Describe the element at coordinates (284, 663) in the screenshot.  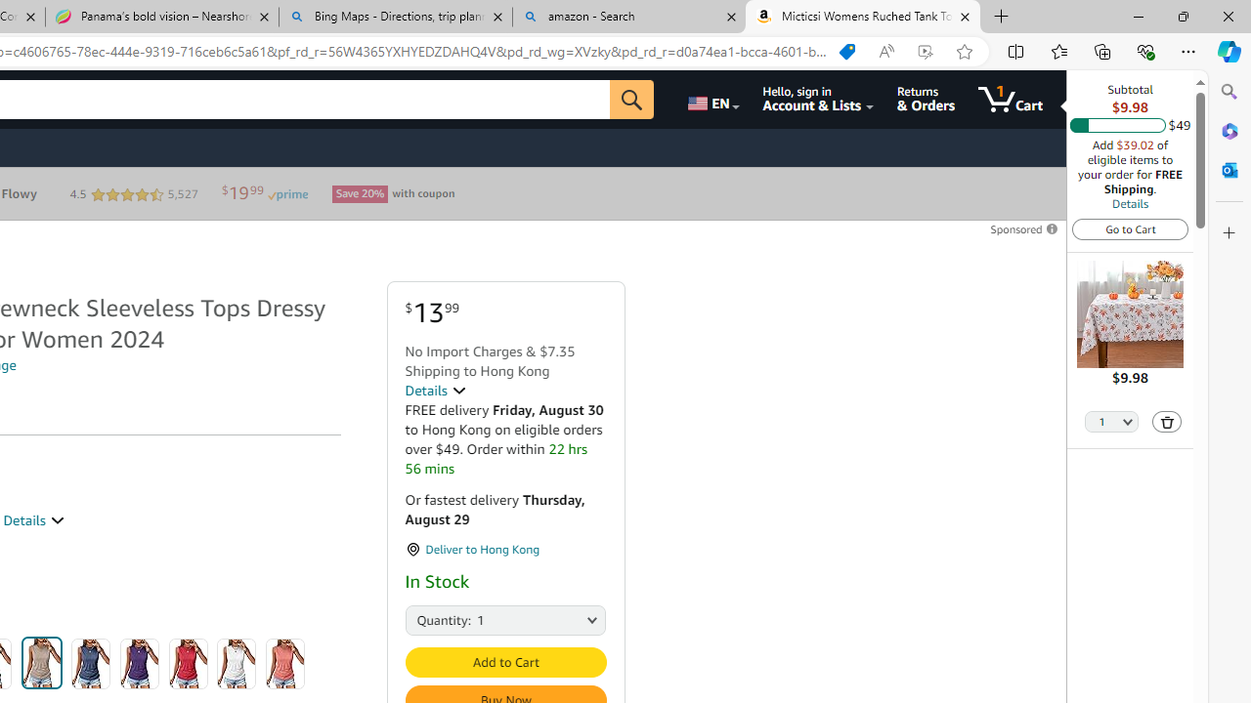
I see `'Pink'` at that location.